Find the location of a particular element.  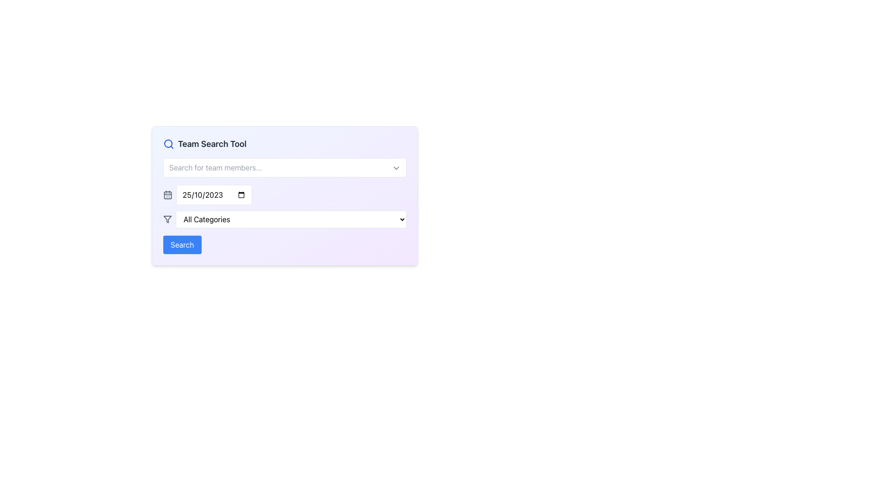

the prominent rectangular button with a blue background and white bold text reading 'Search' to observe its hover animation is located at coordinates (182, 244).